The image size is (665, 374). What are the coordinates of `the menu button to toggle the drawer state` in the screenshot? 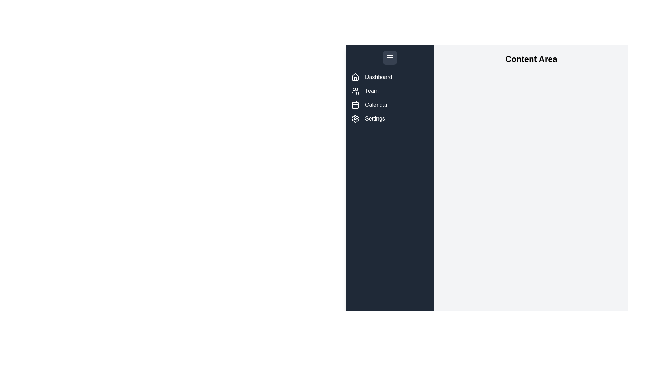 It's located at (390, 57).